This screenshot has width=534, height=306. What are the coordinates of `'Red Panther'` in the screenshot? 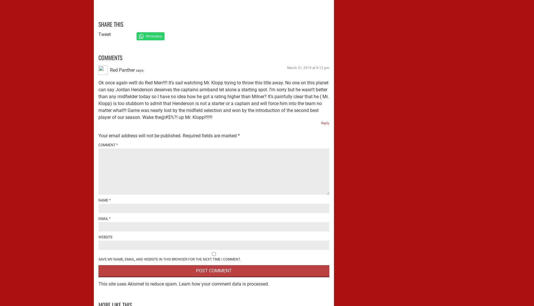 It's located at (122, 70).